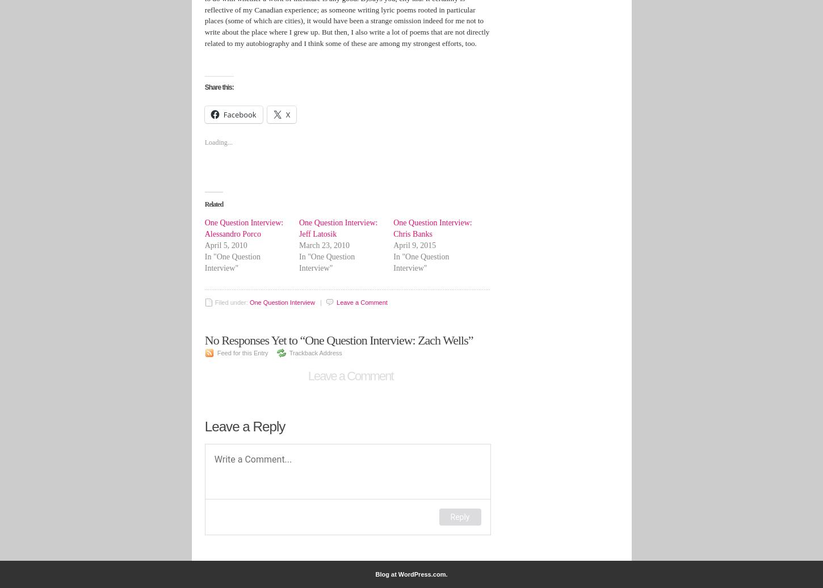  Describe the element at coordinates (231, 303) in the screenshot. I see `'Filed under:'` at that location.